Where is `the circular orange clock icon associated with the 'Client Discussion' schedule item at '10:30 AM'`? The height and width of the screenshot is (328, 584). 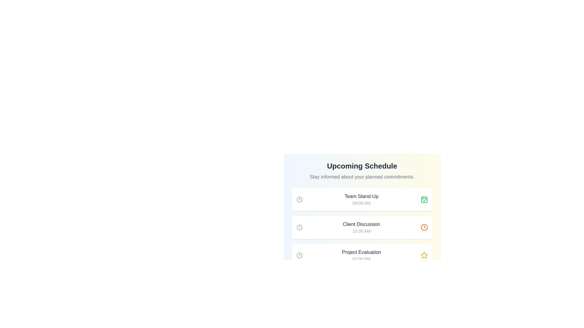 the circular orange clock icon associated with the 'Client Discussion' schedule item at '10:30 AM' is located at coordinates (424, 227).